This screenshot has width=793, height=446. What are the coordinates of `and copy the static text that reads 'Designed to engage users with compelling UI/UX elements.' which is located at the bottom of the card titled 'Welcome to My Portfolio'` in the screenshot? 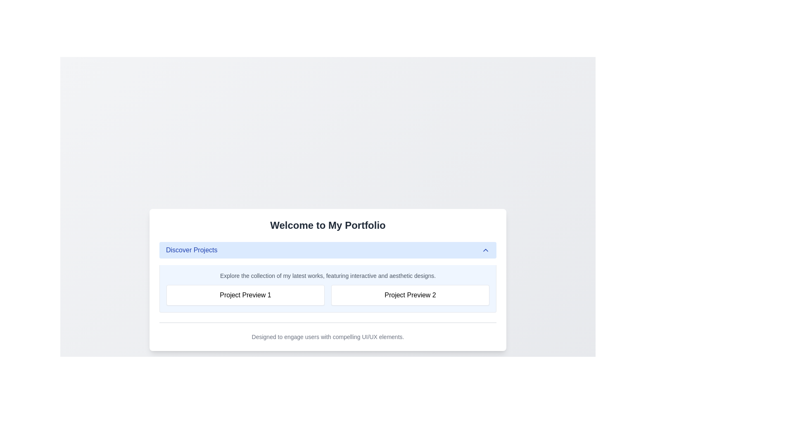 It's located at (327, 337).